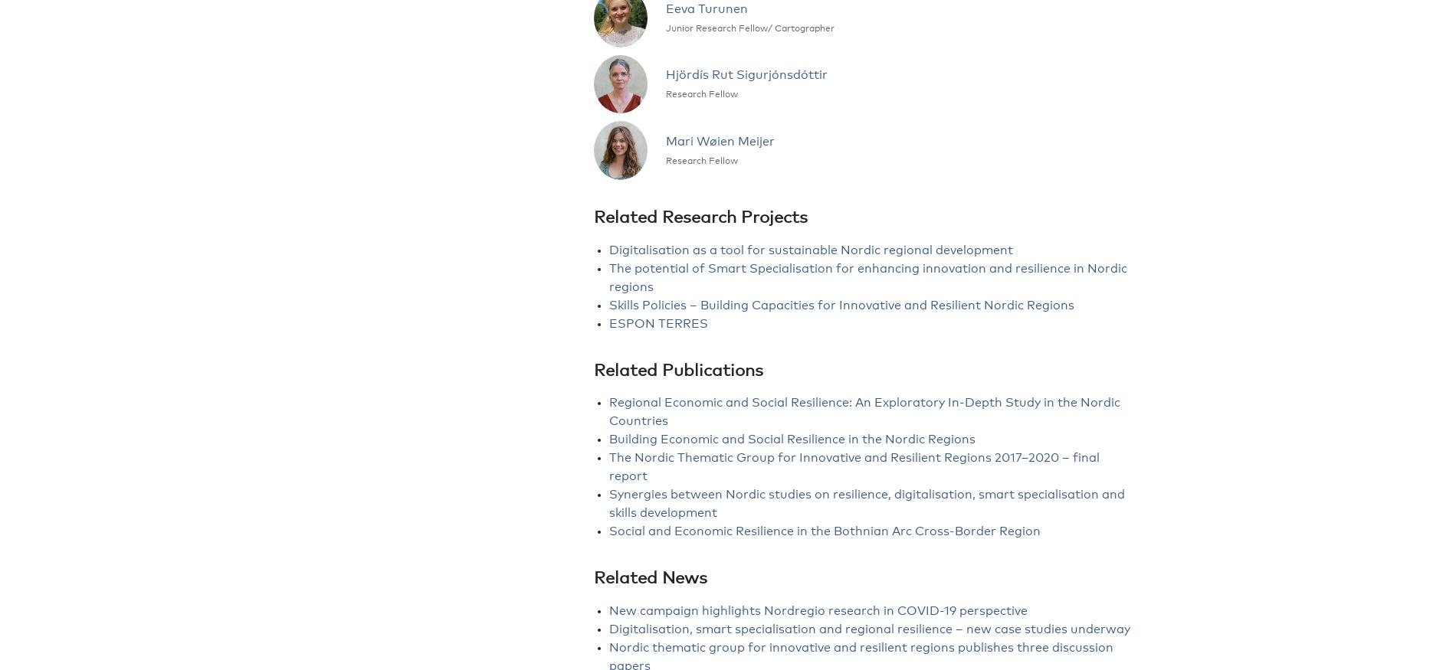 The image size is (1456, 670). Describe the element at coordinates (750, 28) in the screenshot. I see `'Junior Research Fellow/ Cartographer'` at that location.